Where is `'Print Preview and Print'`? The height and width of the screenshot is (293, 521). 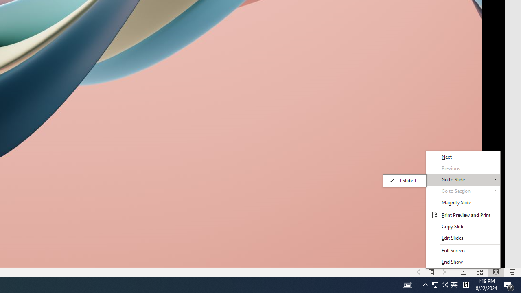 'Print Preview and Print' is located at coordinates (463, 214).